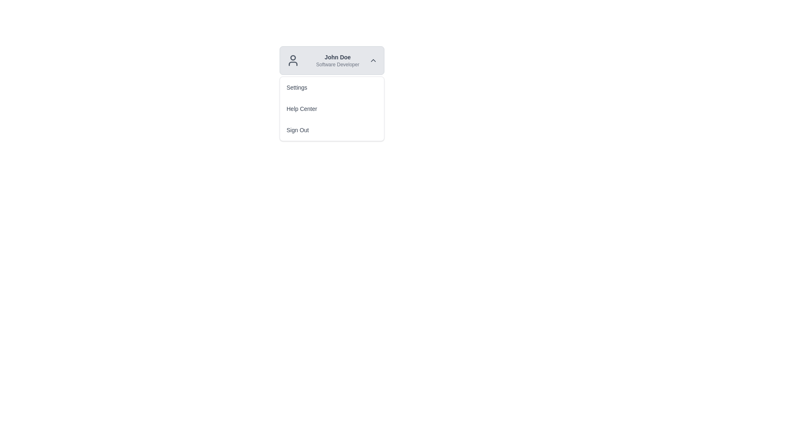  I want to click on the third item in the dropdown menu labeled for signing out the user, which is located below the 'Settings' and 'Help Center' options, to log out, so click(332, 129).